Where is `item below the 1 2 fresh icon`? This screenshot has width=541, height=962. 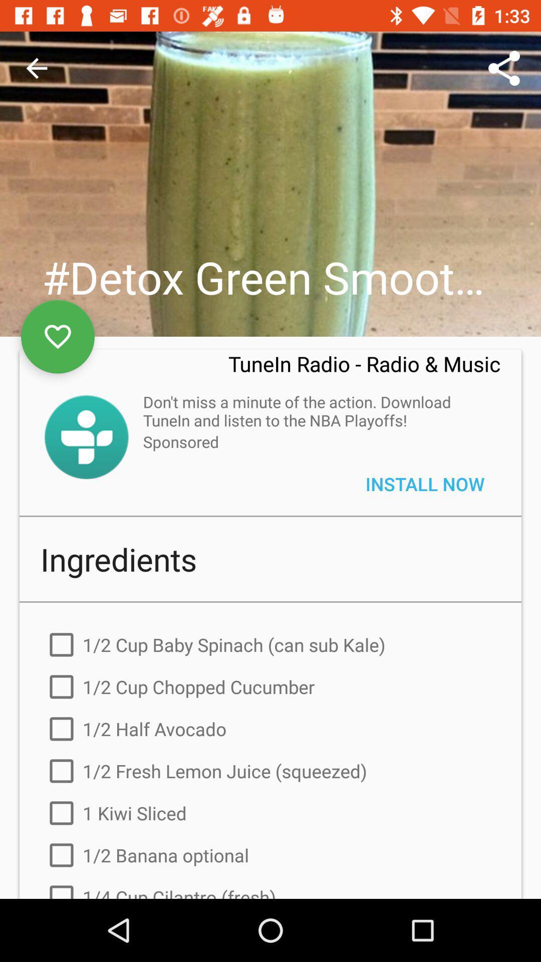
item below the 1 2 fresh icon is located at coordinates (270, 813).